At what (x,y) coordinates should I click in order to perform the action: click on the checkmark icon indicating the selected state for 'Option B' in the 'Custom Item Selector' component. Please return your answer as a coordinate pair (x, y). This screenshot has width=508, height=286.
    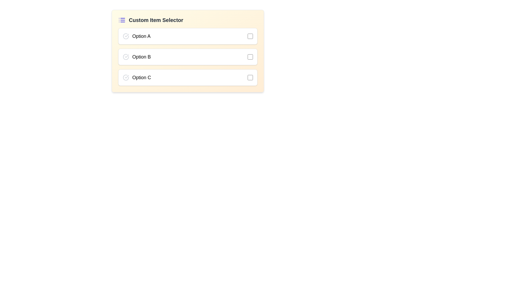
    Looking at the image, I should click on (126, 56).